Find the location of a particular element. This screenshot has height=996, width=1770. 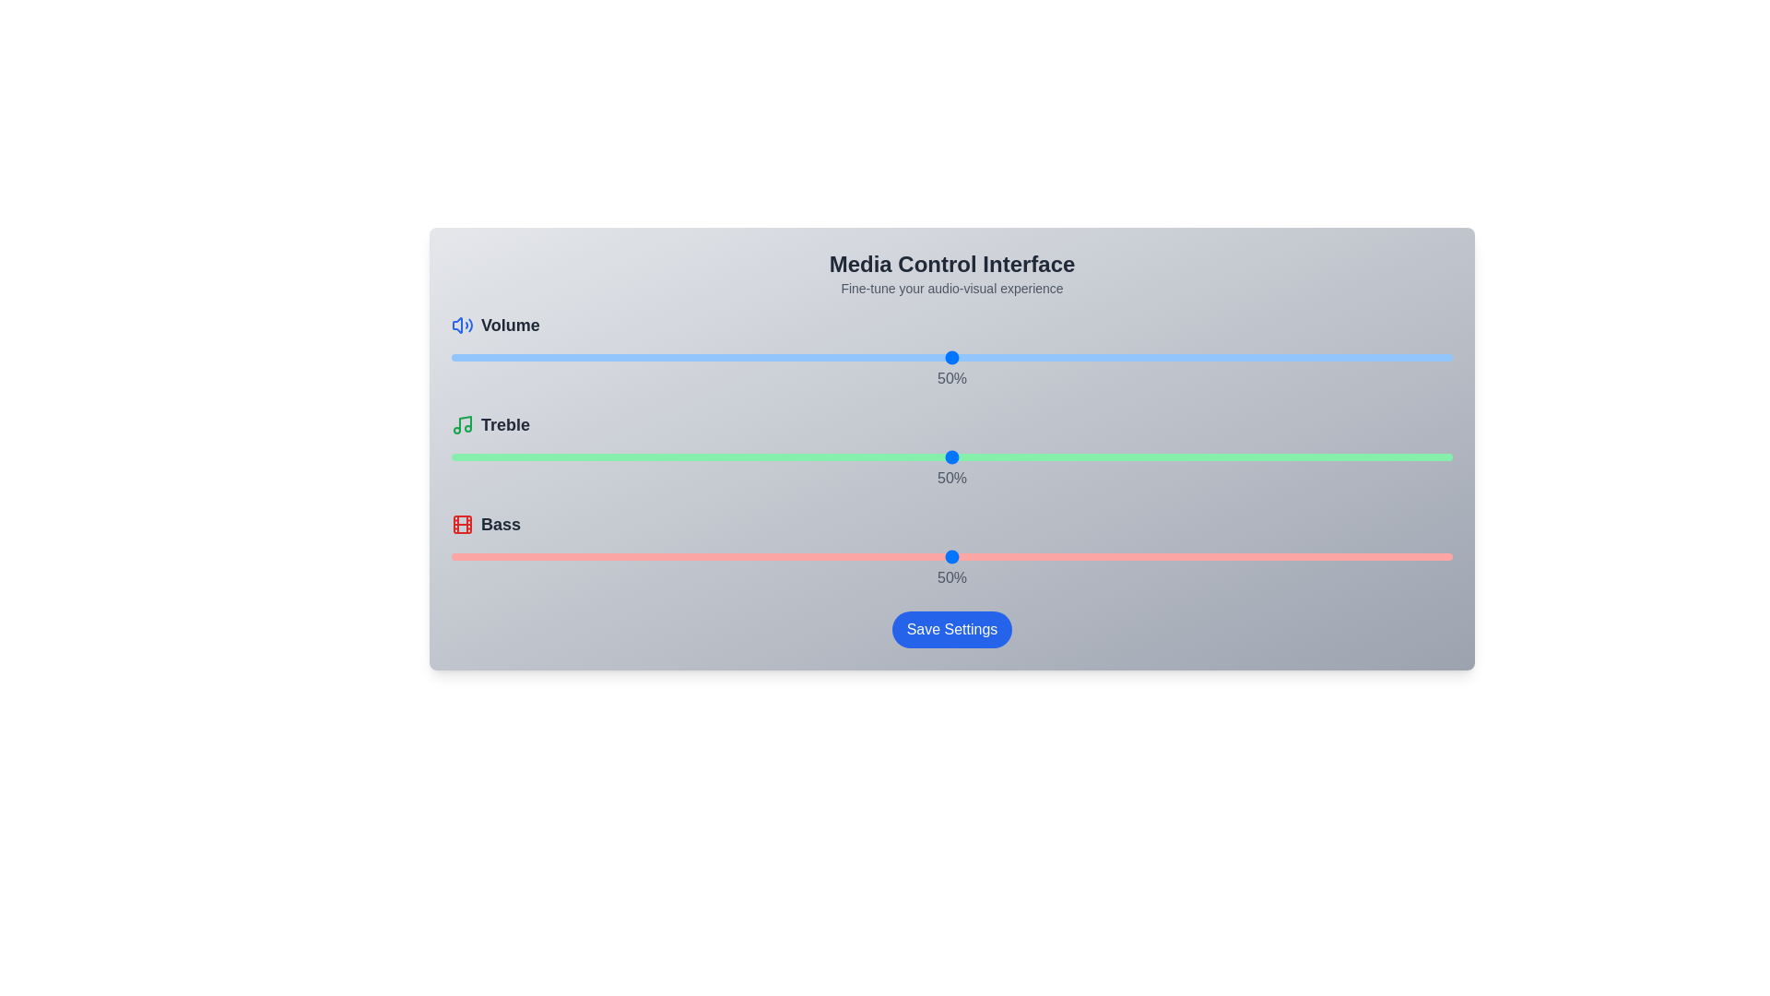

the slider value is located at coordinates (1373, 456).